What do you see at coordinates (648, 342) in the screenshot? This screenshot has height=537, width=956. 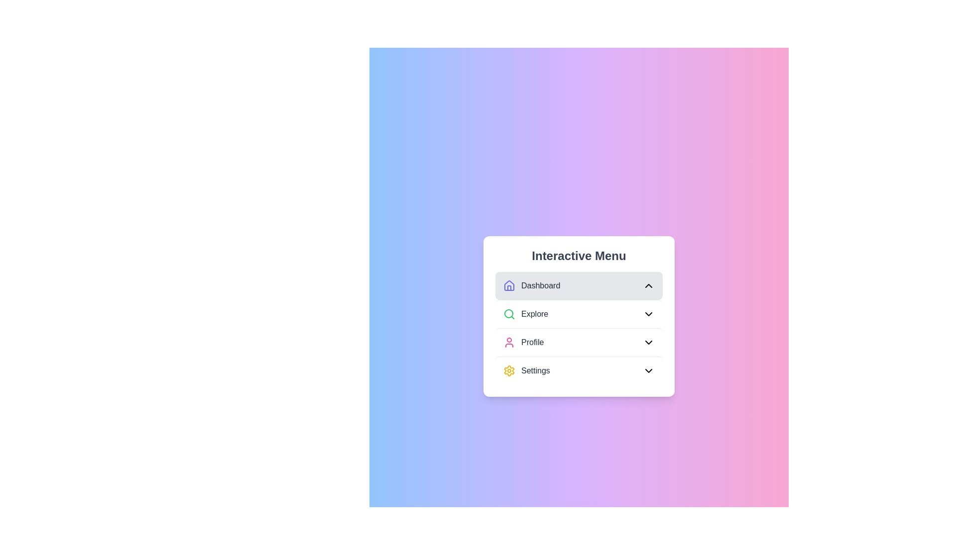 I see `the chevron toggle of the Profile menu to toggle its state` at bounding box center [648, 342].